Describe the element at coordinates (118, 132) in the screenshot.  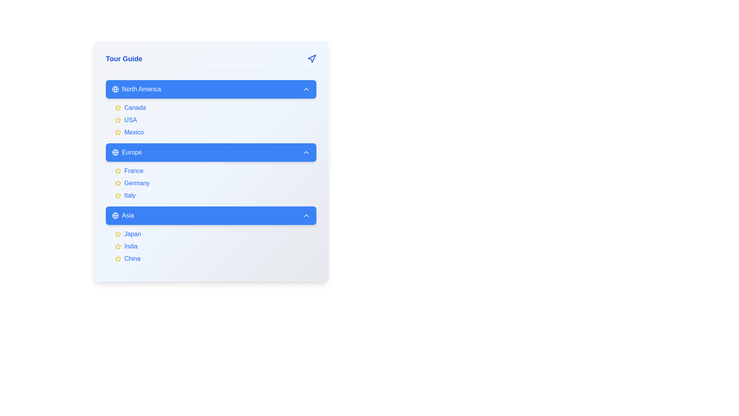
I see `the star icon representing 'Mexico' in the 'North America' section of the interface` at that location.